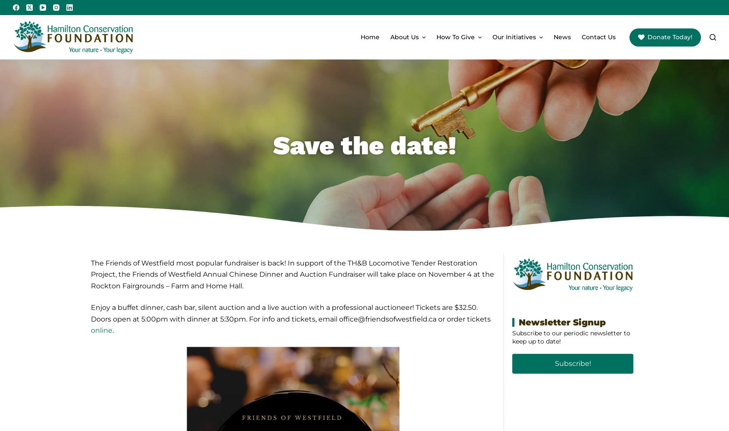 The height and width of the screenshot is (431, 729). I want to click on 'Subscribe to our periodic newsletter to keep up to date!', so click(570, 337).